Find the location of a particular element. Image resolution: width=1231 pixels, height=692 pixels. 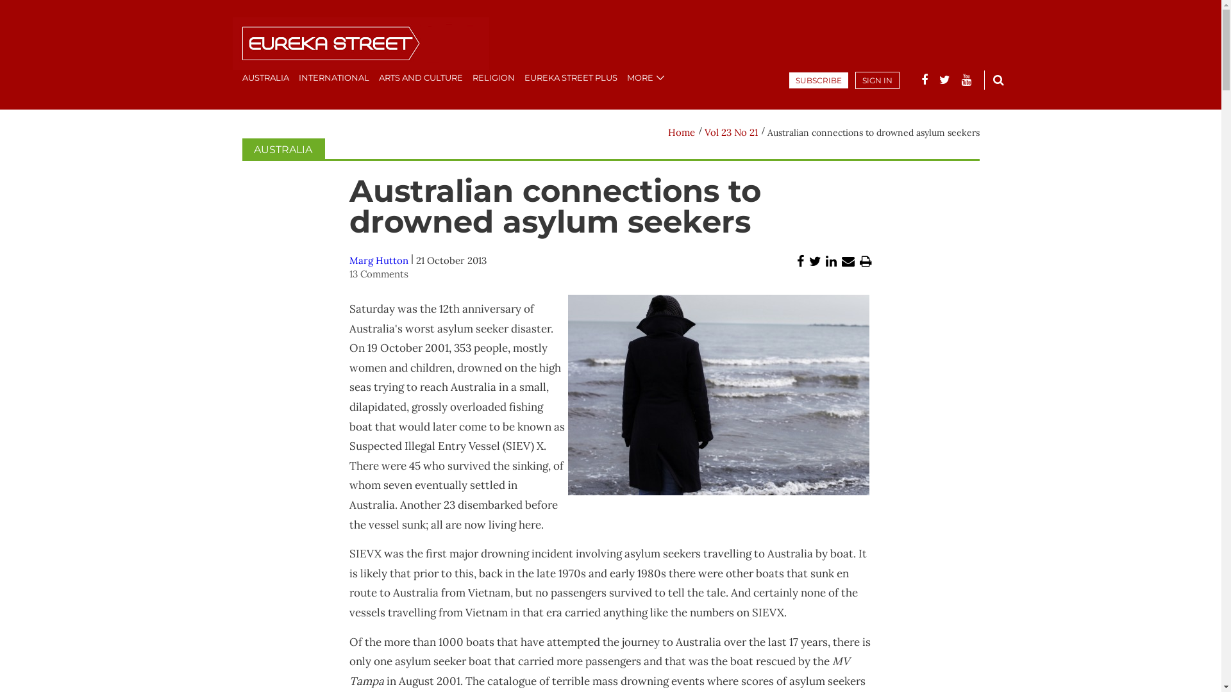

'Lonely person on a beach in winter time' is located at coordinates (719, 394).